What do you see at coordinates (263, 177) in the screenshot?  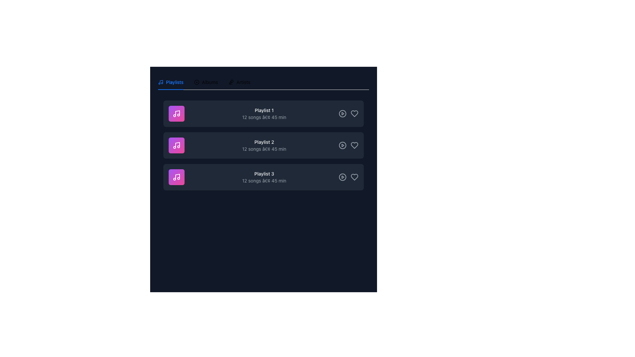 I see `the third playlist entry titled 'Playlist 3'` at bounding box center [263, 177].